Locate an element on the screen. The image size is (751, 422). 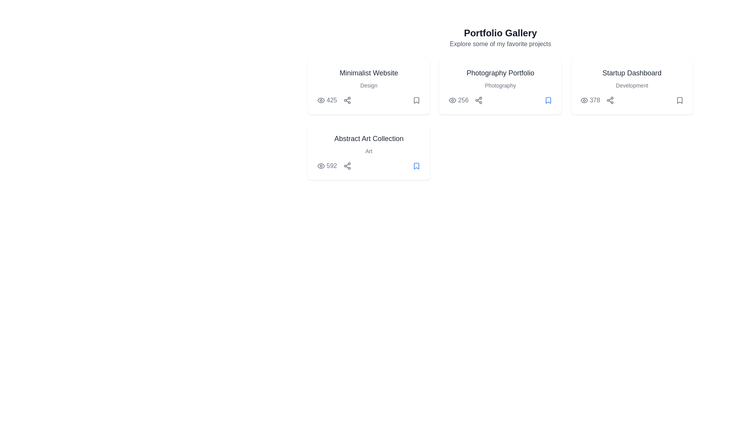
numerical value displayed in the Text Label located in the second card, positioned to the right of the eye icon and left of the share icon is located at coordinates (465, 100).